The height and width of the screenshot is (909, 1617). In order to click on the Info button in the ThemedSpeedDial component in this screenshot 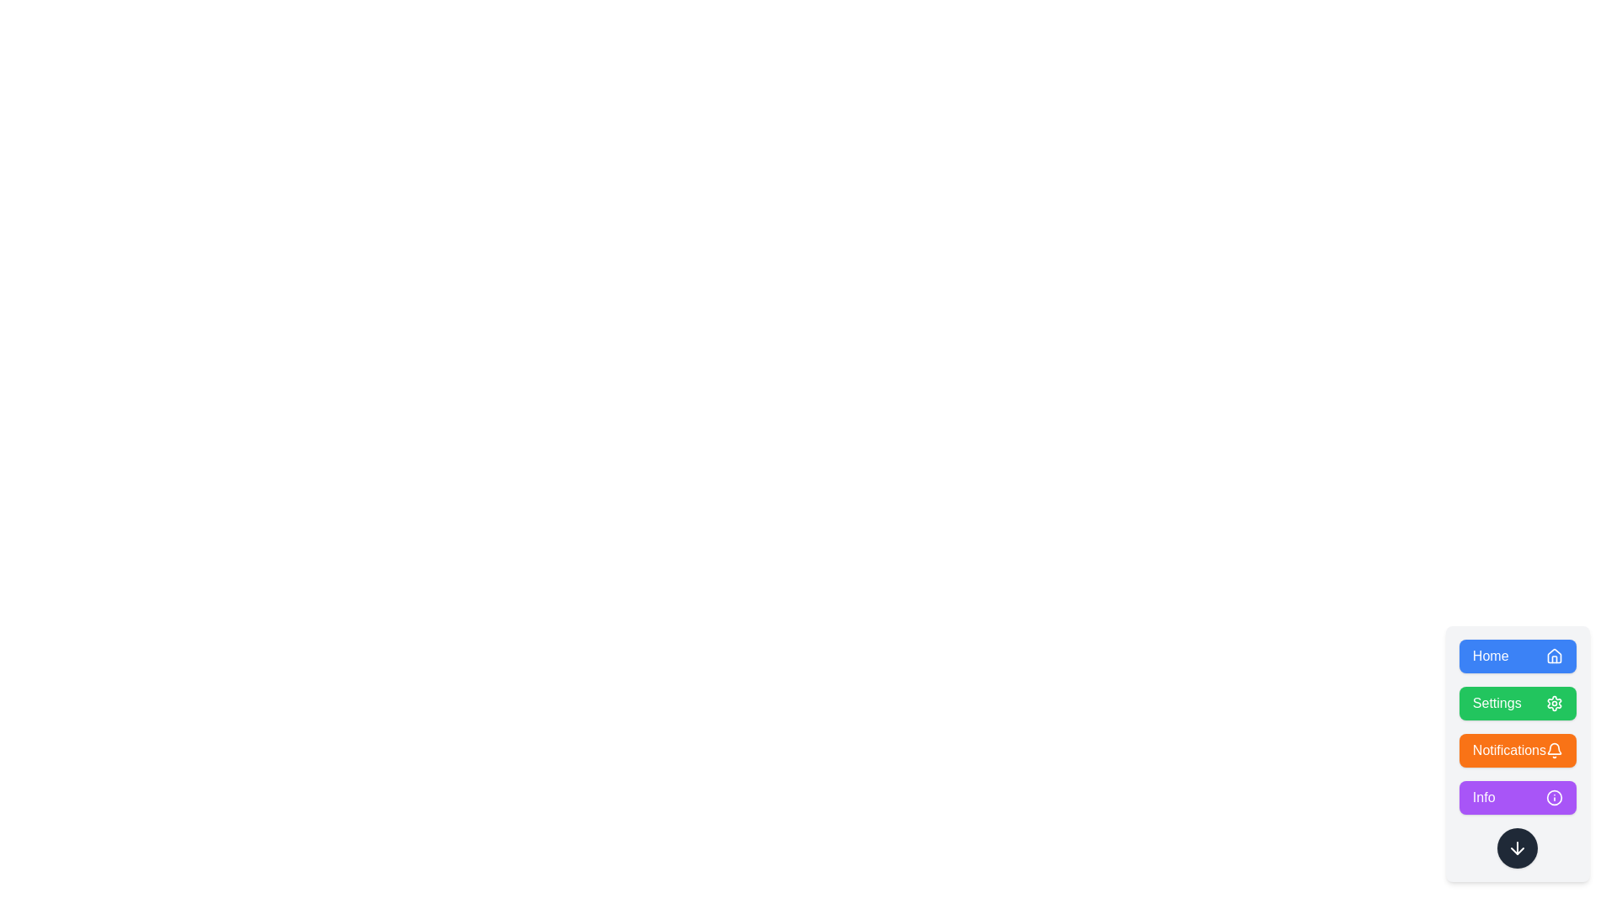, I will do `click(1518, 797)`.